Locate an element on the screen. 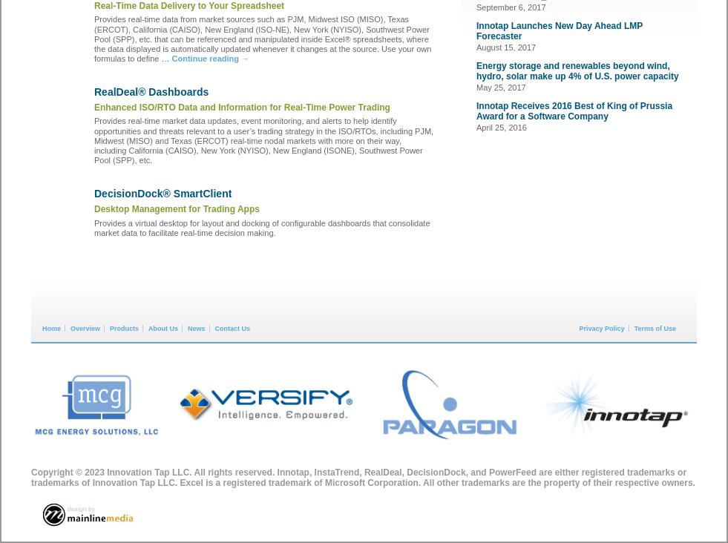 Image resolution: width=728 pixels, height=543 pixels. 'Provides real-time market data updates, event monitoring, and alerts to help identify opportunities and threats relevant to a user’s trading strategy in the ISO/RTOs, including PJM, Midwest (MISO) and Texas (ERCOT) real-time nodal markets with more on their way, including California (CAISO), New York (NYISO), New England (ISONE), Southwest Power Pool (SPP), etc.' is located at coordinates (94, 139).